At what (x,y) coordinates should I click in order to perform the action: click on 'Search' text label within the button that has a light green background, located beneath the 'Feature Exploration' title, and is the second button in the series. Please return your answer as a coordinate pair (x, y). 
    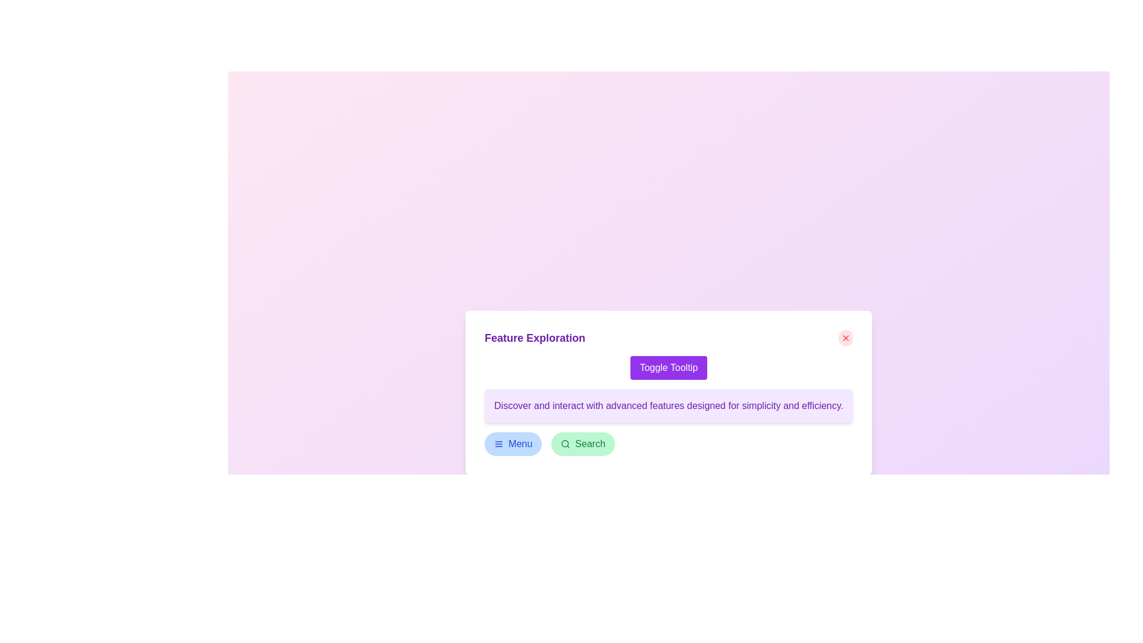
    Looking at the image, I should click on (590, 444).